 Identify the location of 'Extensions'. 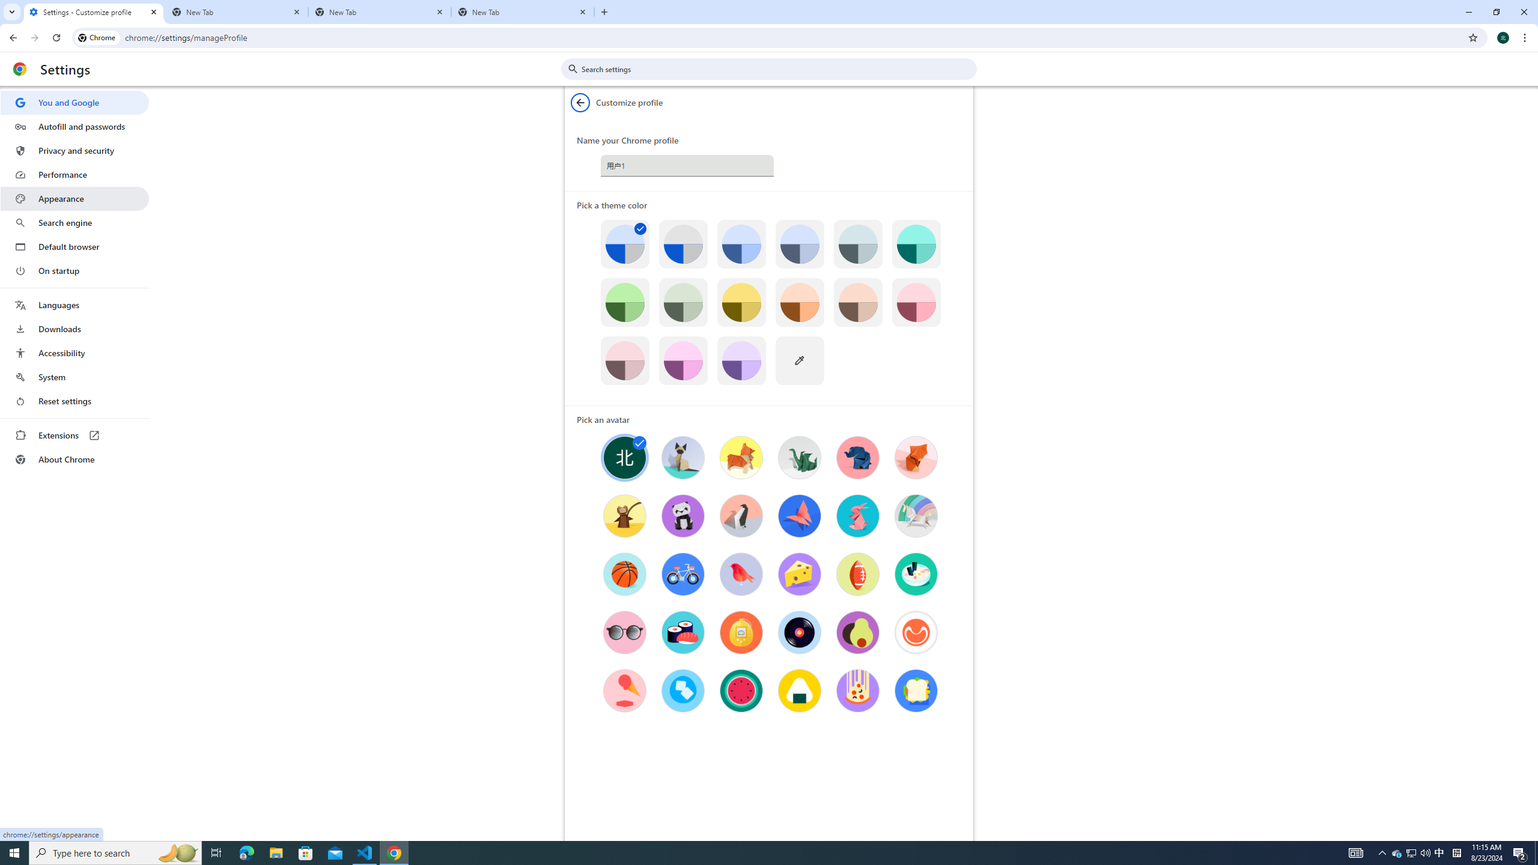
(74, 435).